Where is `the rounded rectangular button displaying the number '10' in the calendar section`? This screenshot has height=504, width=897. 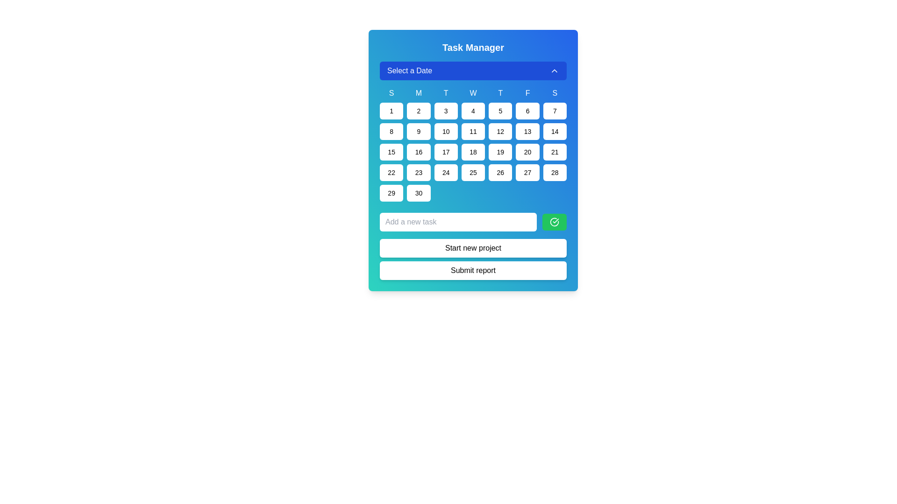 the rounded rectangular button displaying the number '10' in the calendar section is located at coordinates (445, 131).